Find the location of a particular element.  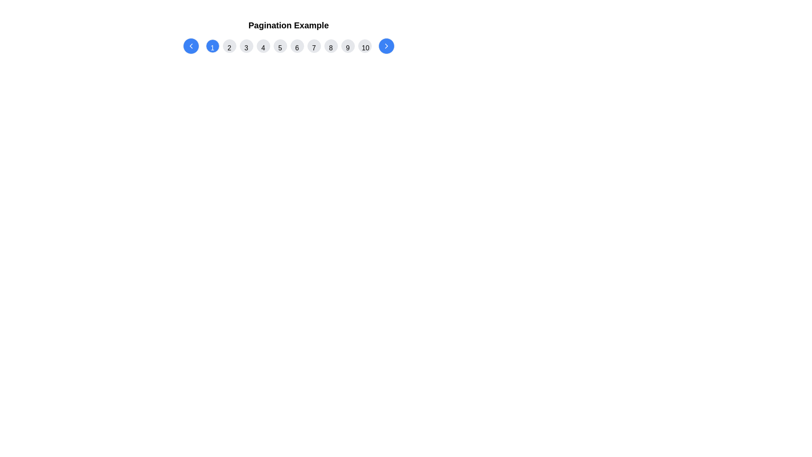

the circular button with a gray background and a bold black numeral '5' at its center is located at coordinates (280, 46).